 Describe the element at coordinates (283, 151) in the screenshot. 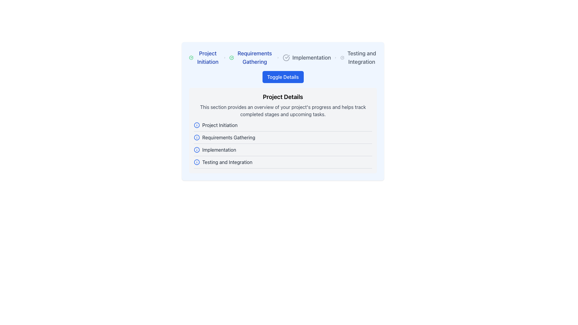

I see `the labeled list item representing the 'Implementation' stage in the project workflow` at that location.